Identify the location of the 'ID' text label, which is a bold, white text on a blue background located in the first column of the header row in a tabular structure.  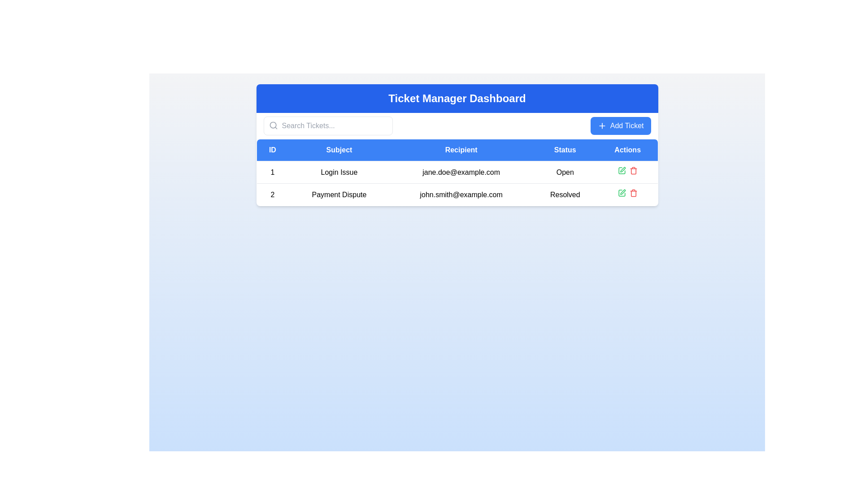
(272, 150).